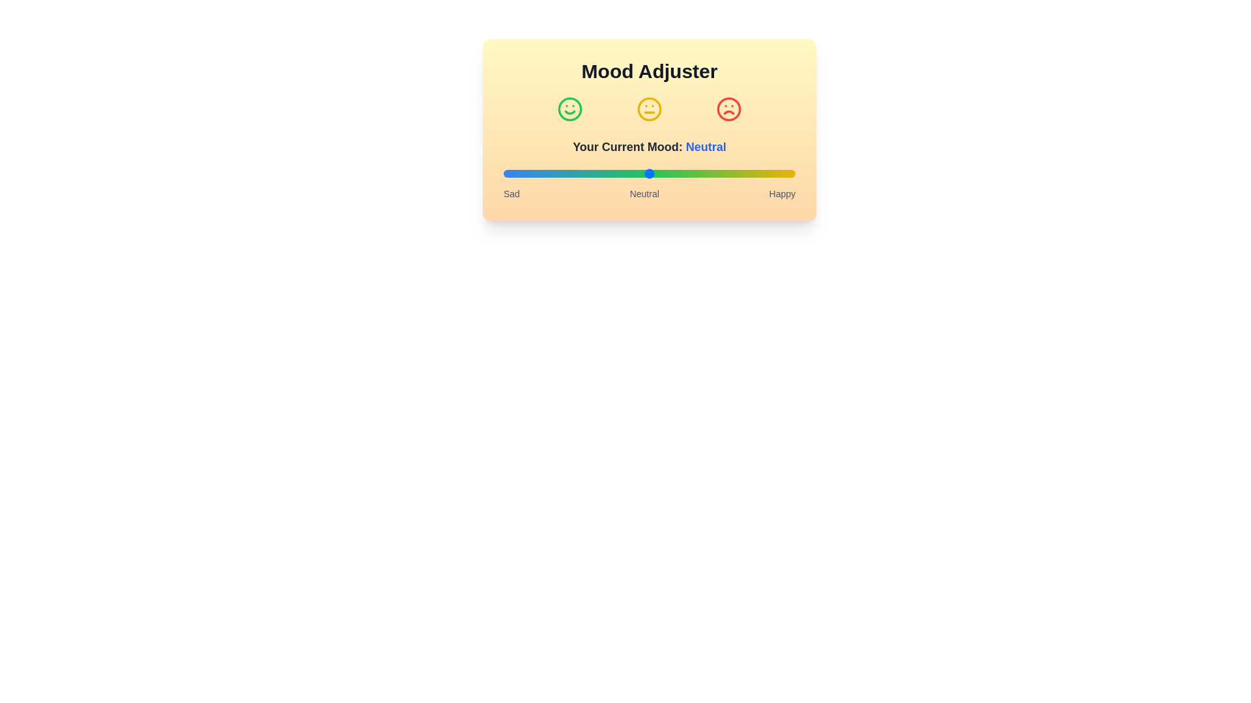  What do you see at coordinates (704, 172) in the screenshot?
I see `the slider to a specific value 69 to observe the mood label change` at bounding box center [704, 172].